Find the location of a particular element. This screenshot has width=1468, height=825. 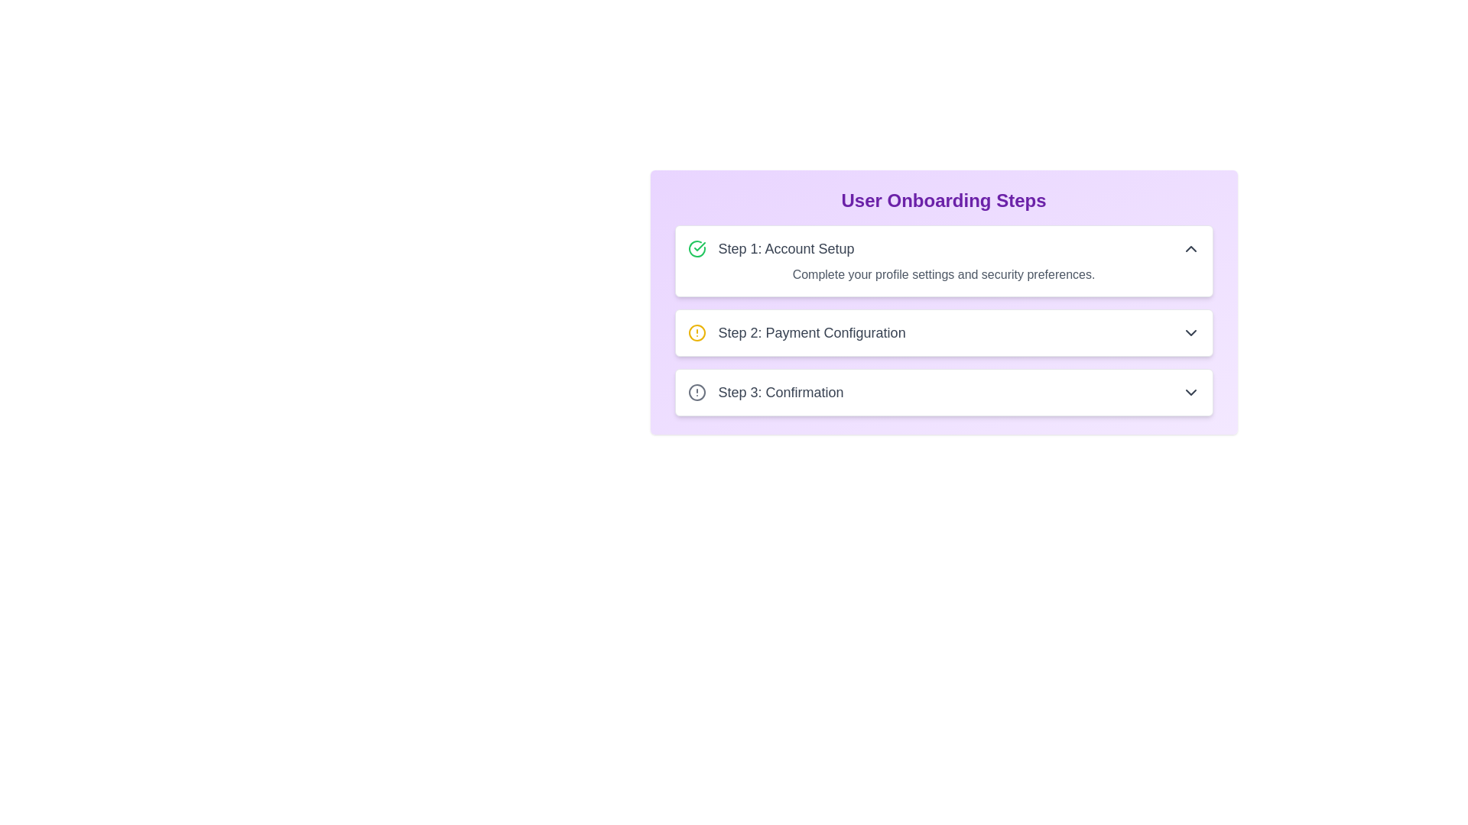

the second step panel of the onboarding process is located at coordinates (943, 332).